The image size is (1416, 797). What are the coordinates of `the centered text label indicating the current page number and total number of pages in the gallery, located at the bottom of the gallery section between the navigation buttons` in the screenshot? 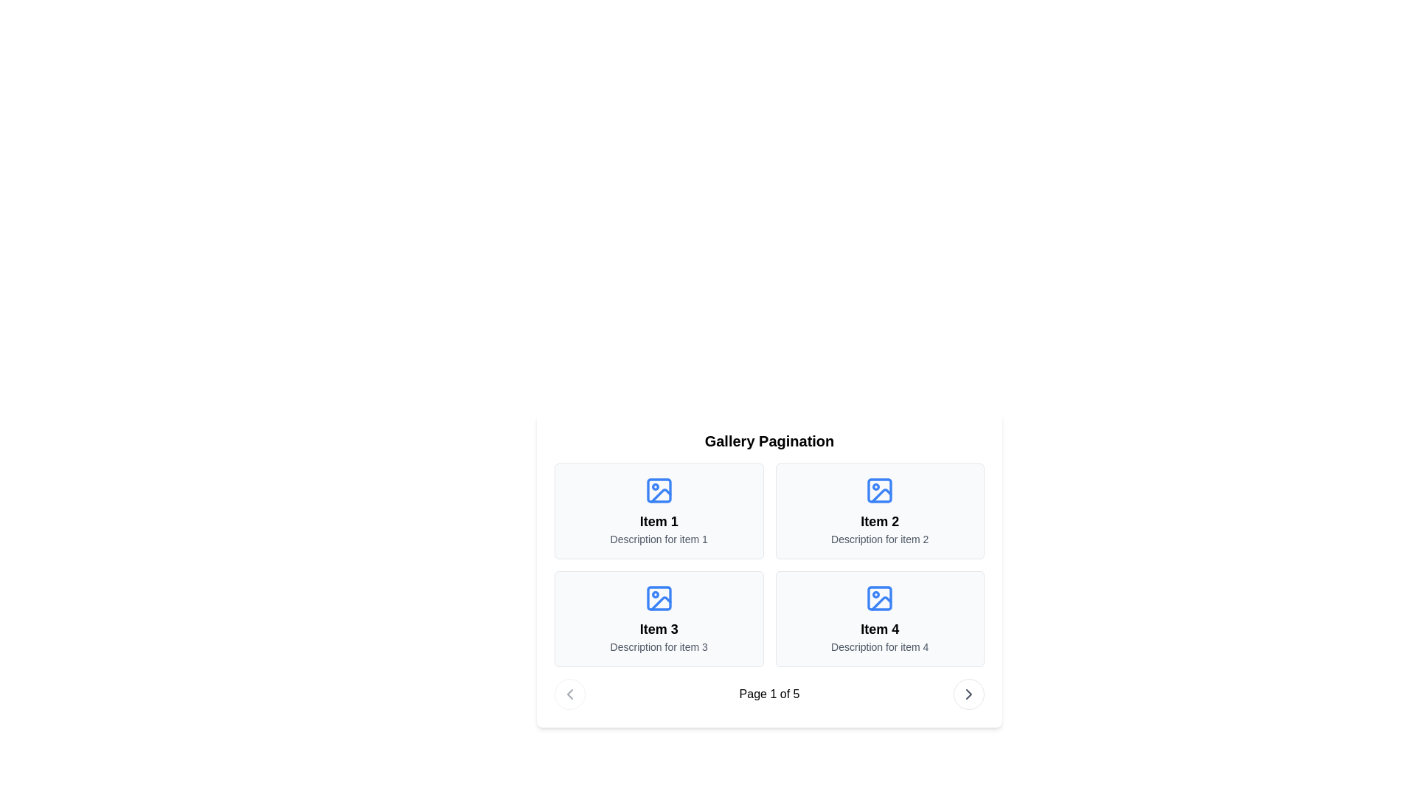 It's located at (768, 694).